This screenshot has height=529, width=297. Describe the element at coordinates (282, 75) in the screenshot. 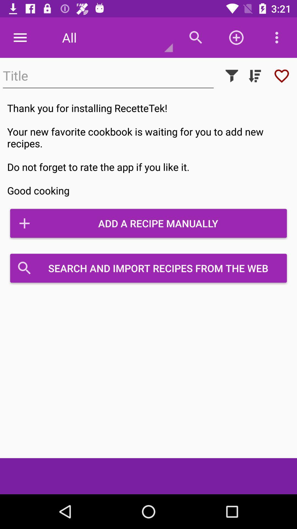

I see `favorite` at that location.